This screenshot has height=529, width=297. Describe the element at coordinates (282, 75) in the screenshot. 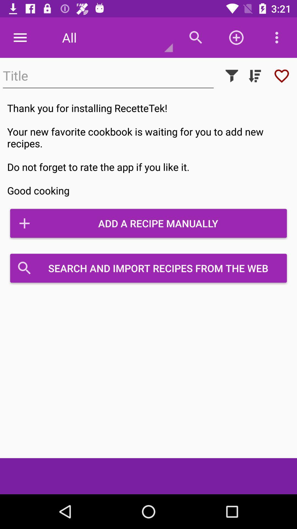

I see `favorite` at that location.